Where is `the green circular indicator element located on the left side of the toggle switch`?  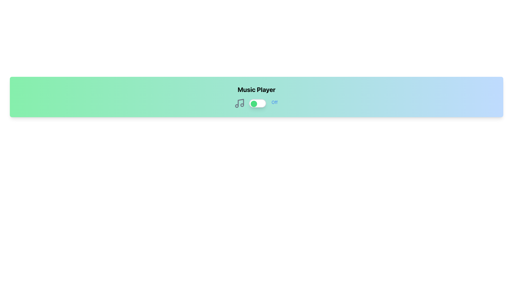
the green circular indicator element located on the left side of the toggle switch is located at coordinates (254, 104).